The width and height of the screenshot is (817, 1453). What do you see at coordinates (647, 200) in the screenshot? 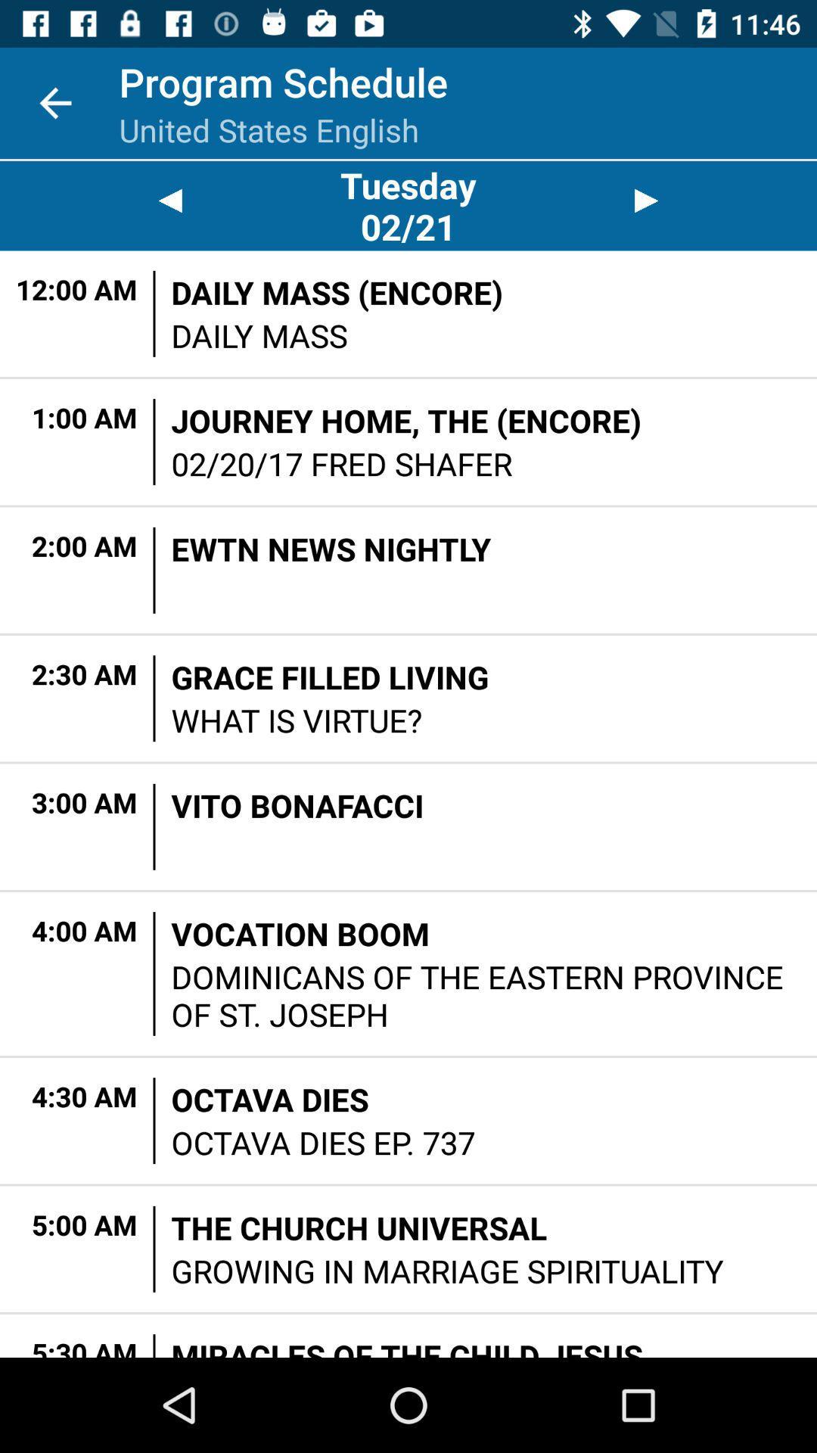
I see `go forward` at bounding box center [647, 200].